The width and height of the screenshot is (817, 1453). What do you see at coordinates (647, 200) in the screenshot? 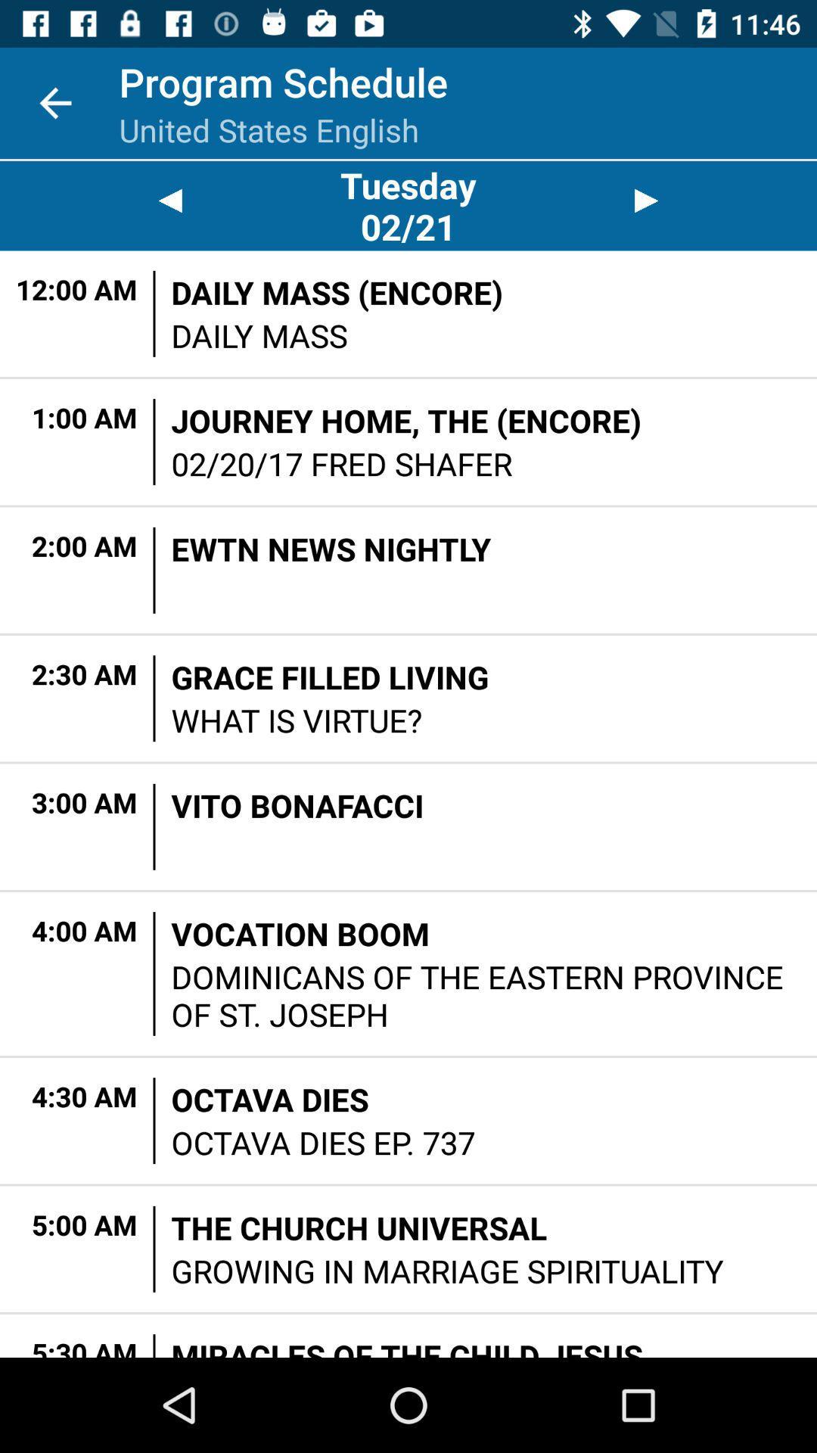
I see `go forward` at bounding box center [647, 200].